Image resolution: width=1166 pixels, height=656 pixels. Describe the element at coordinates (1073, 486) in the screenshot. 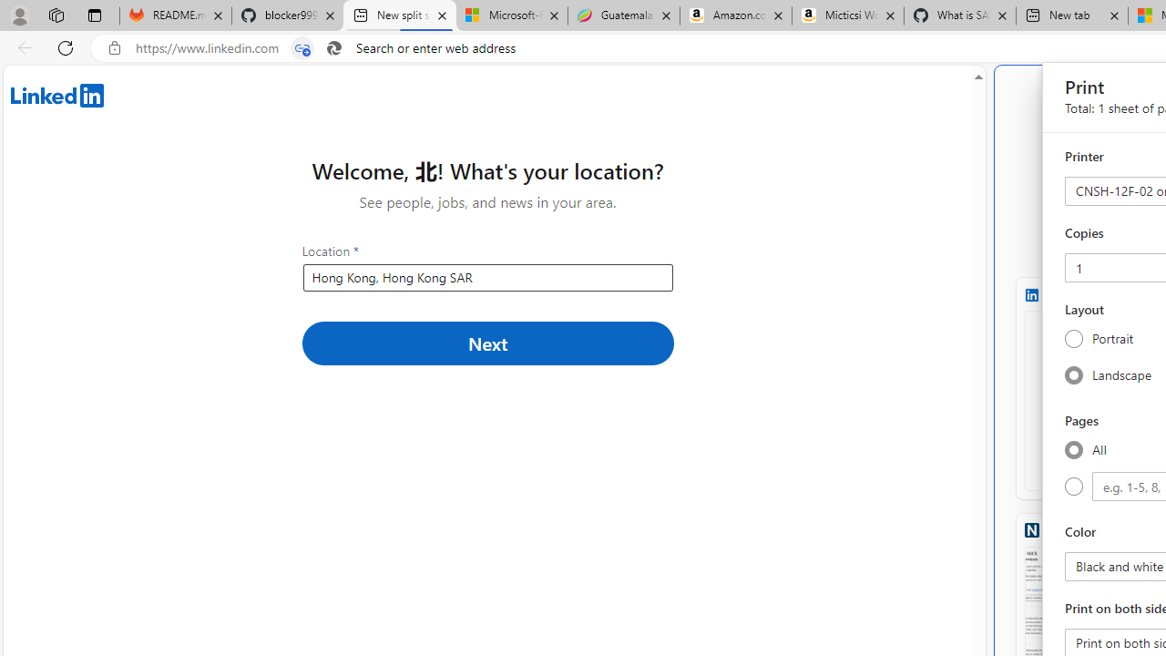

I see `'Custom'` at that location.